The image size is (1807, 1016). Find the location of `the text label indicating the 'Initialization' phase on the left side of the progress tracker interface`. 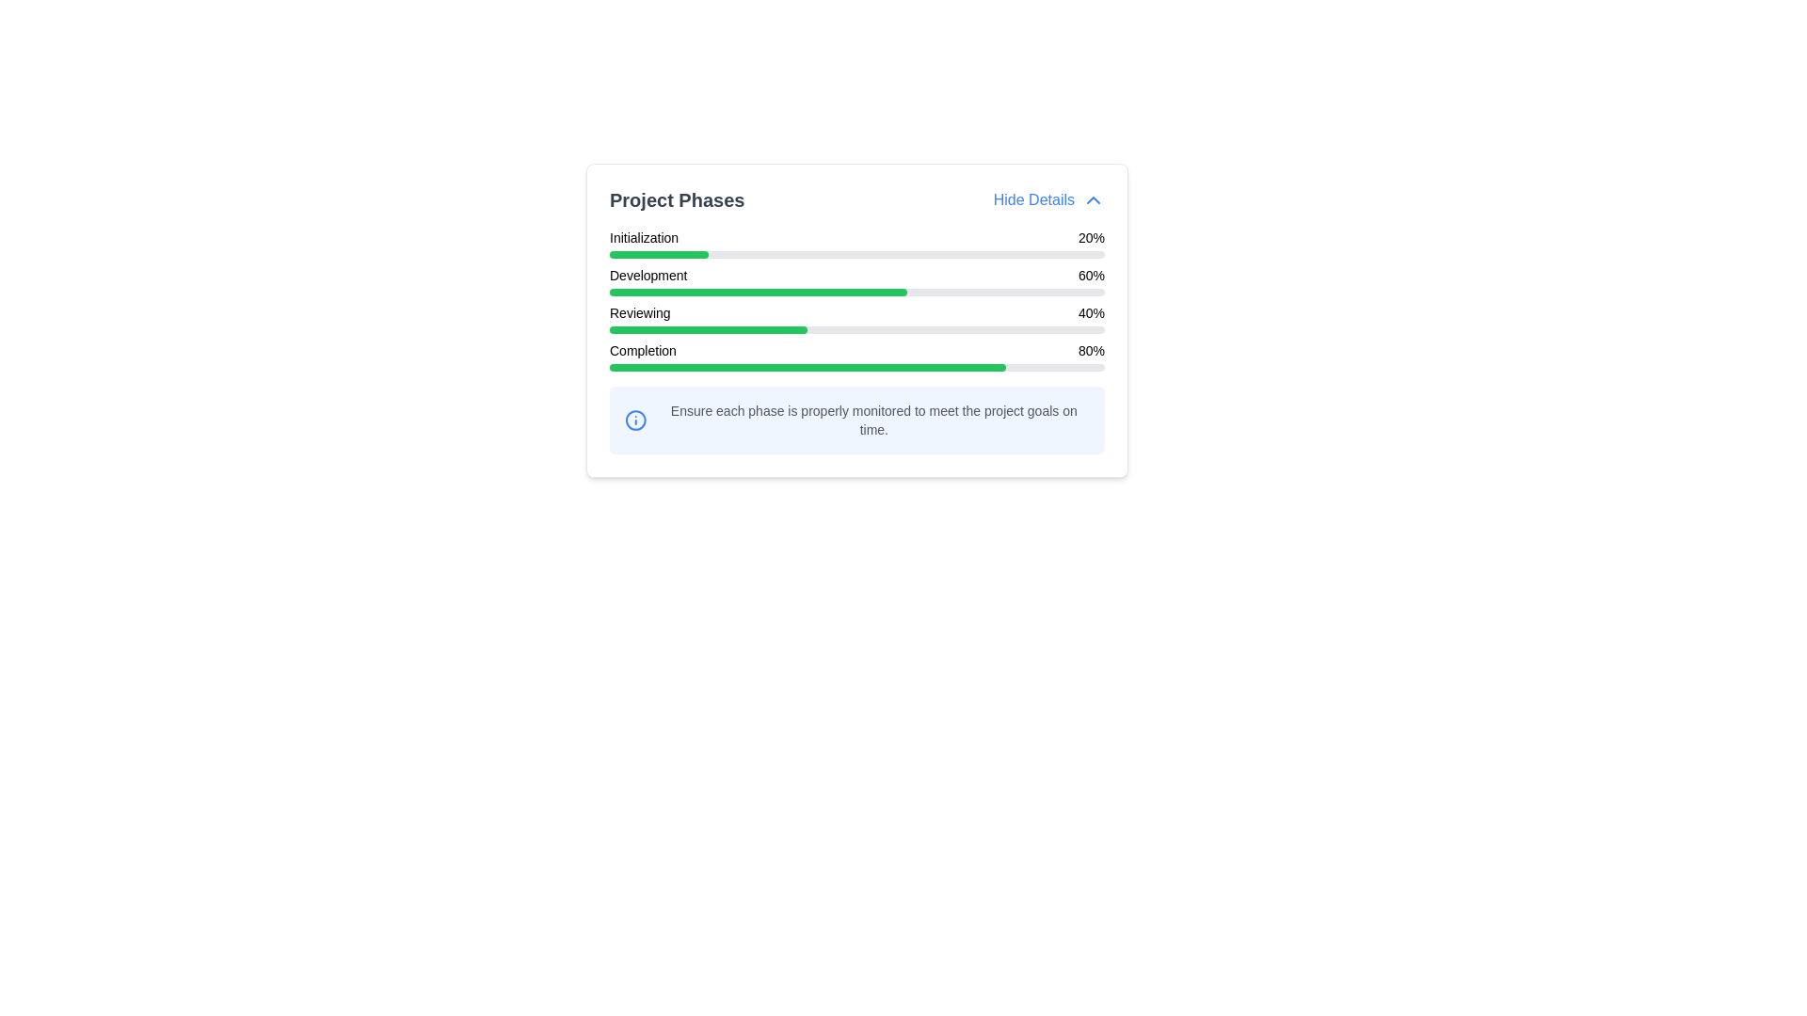

the text label indicating the 'Initialization' phase on the left side of the progress tracker interface is located at coordinates (644, 237).